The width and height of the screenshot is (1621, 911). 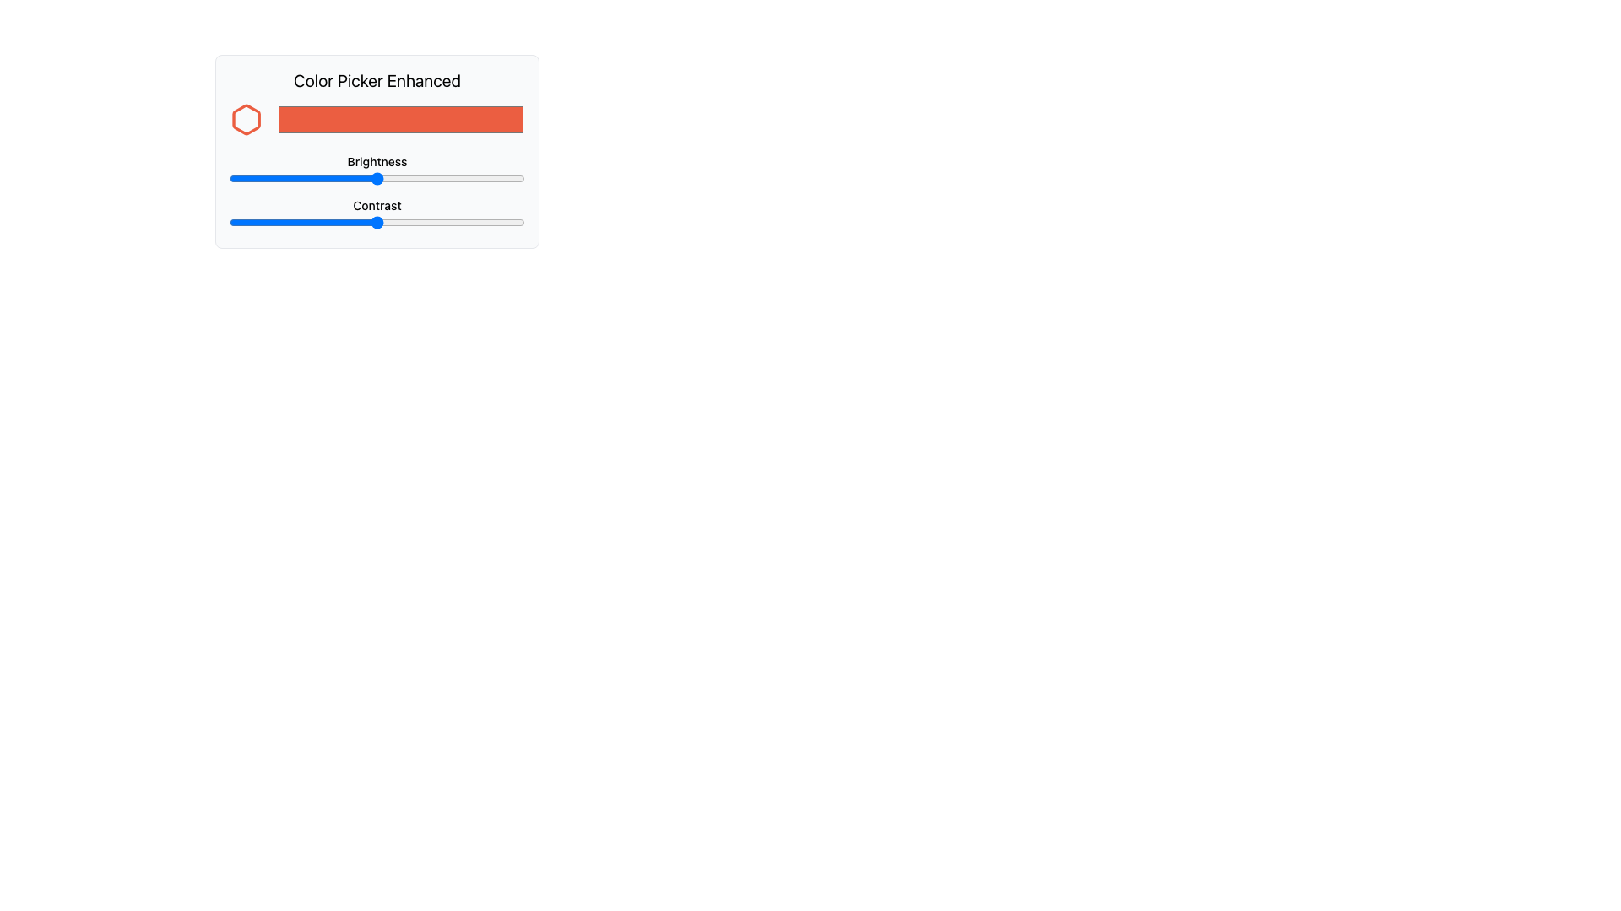 What do you see at coordinates (376, 179) in the screenshot?
I see `brightness level` at bounding box center [376, 179].